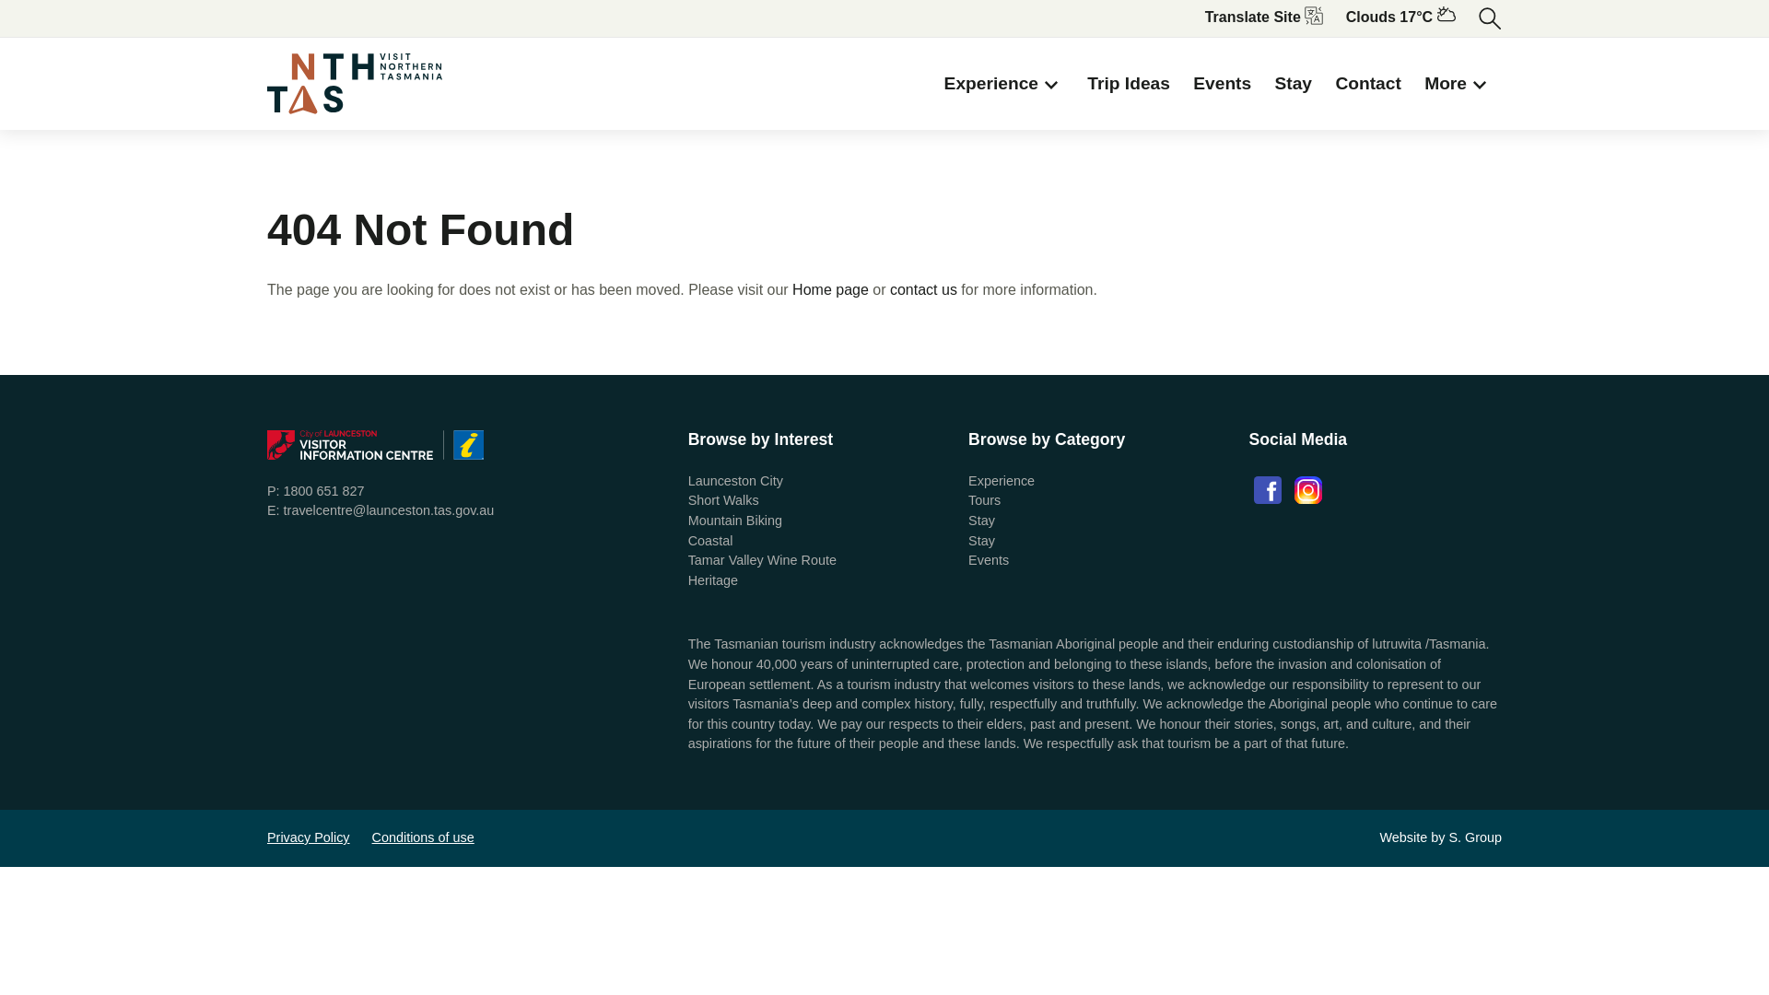 This screenshot has height=995, width=1769. What do you see at coordinates (829, 289) in the screenshot?
I see `'Home page'` at bounding box center [829, 289].